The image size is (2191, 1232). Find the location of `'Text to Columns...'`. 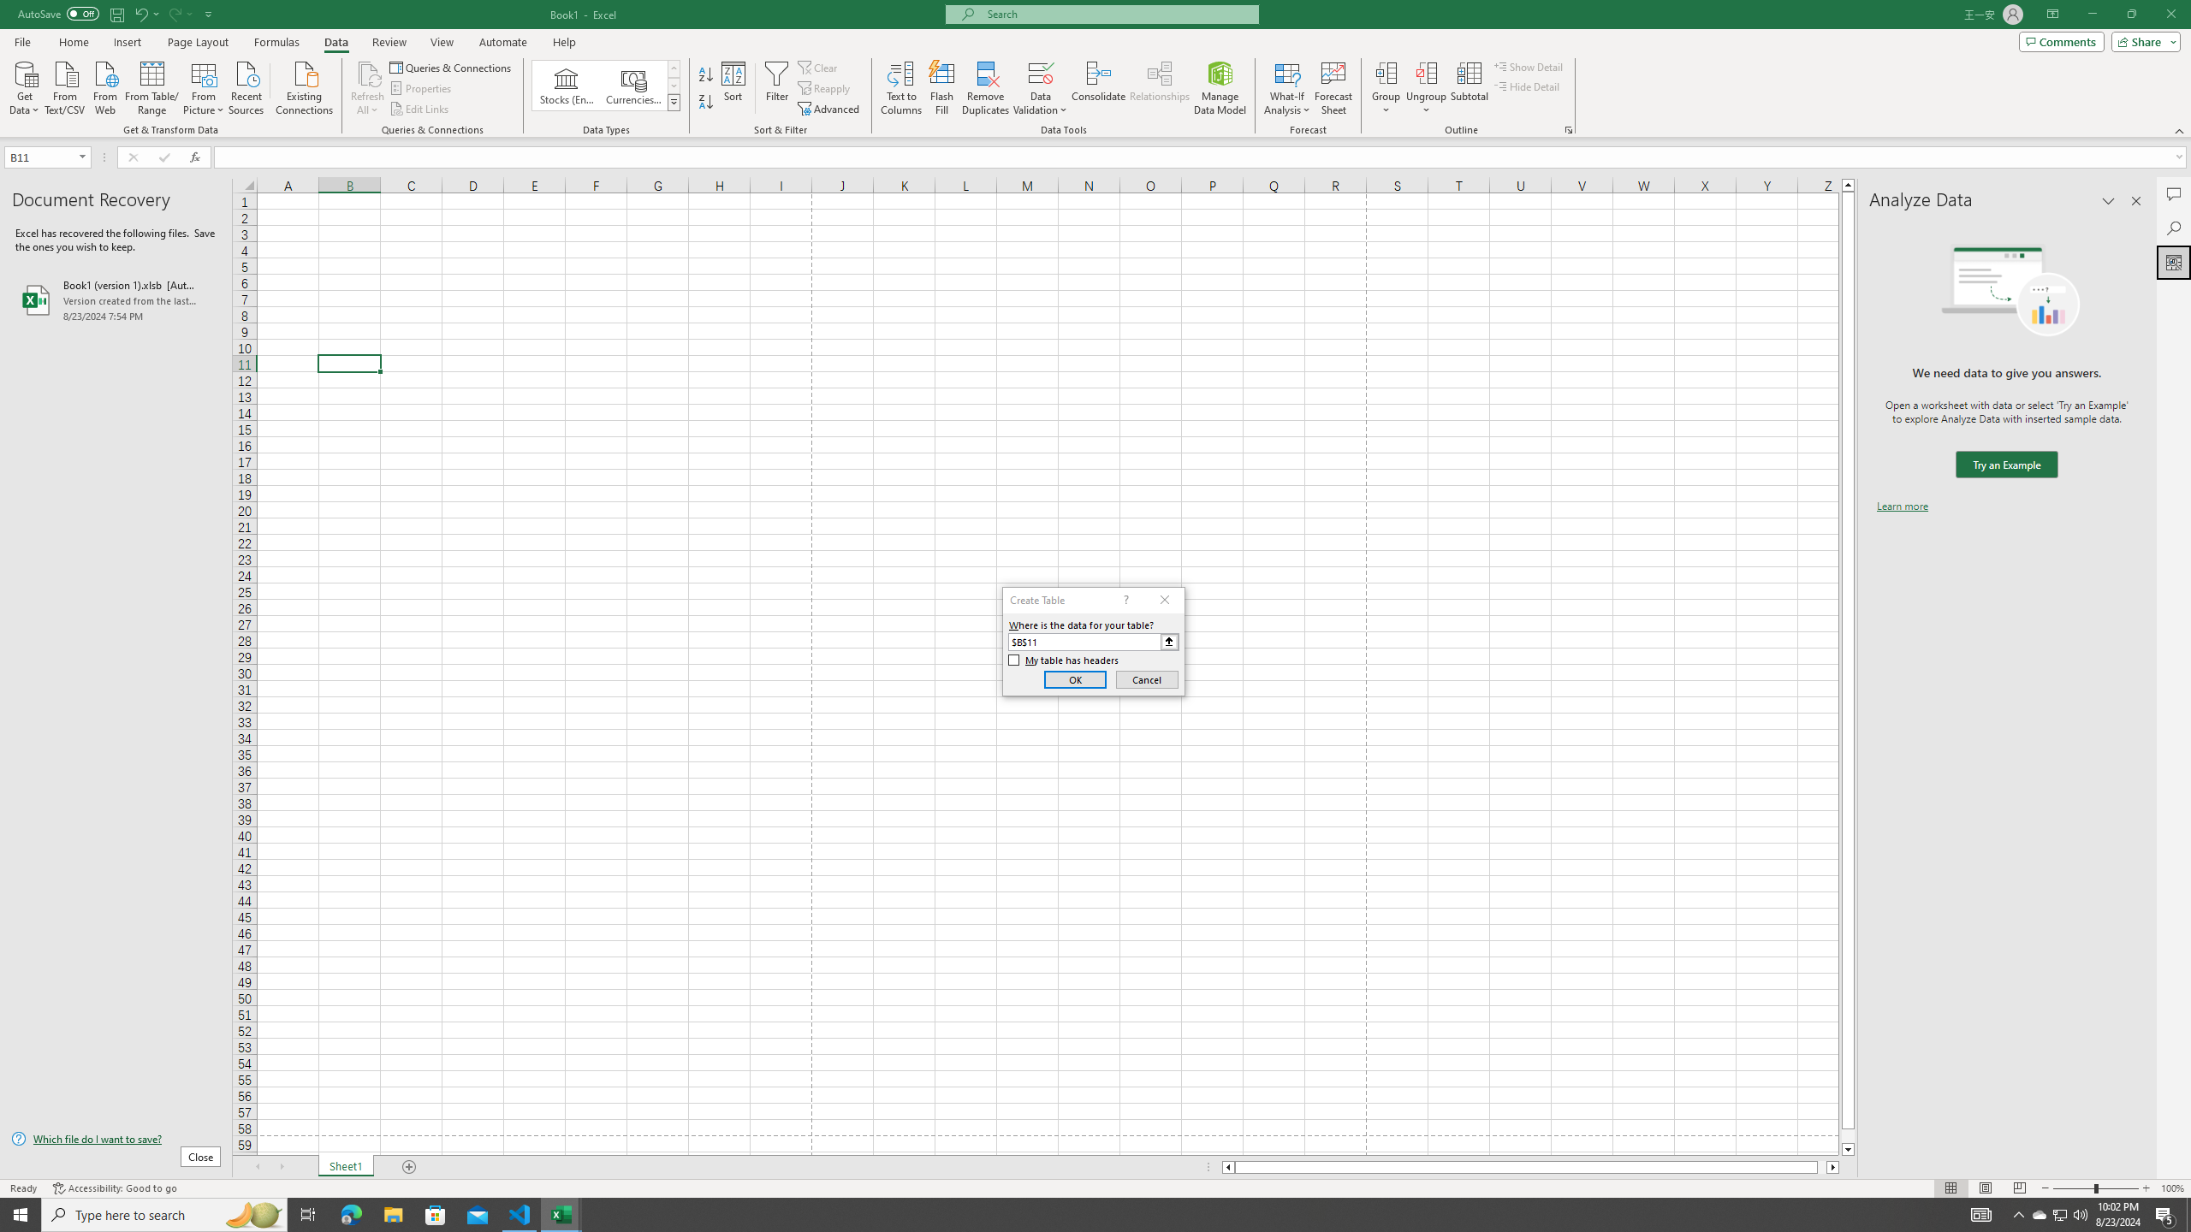

'Text to Columns...' is located at coordinates (900, 88).